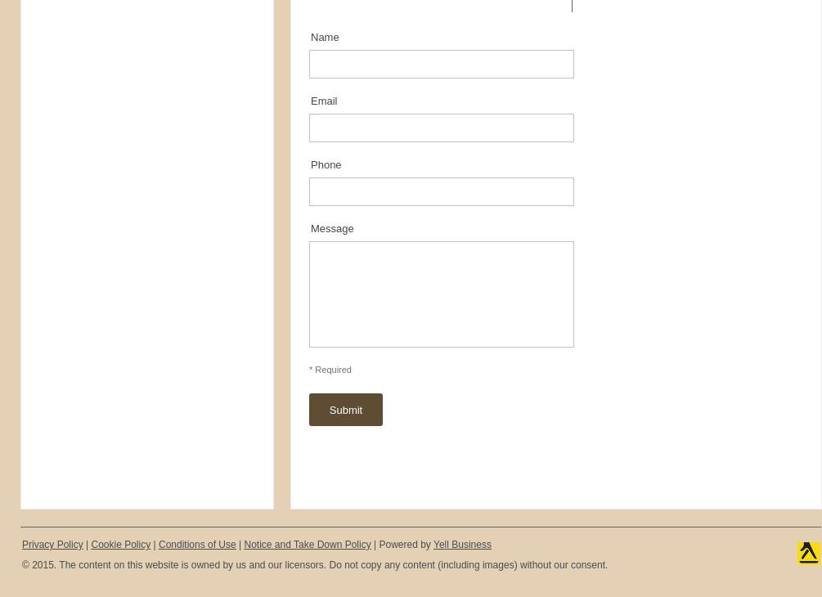 This screenshot has height=597, width=822. I want to click on 'Conditions of Use', so click(195, 544).